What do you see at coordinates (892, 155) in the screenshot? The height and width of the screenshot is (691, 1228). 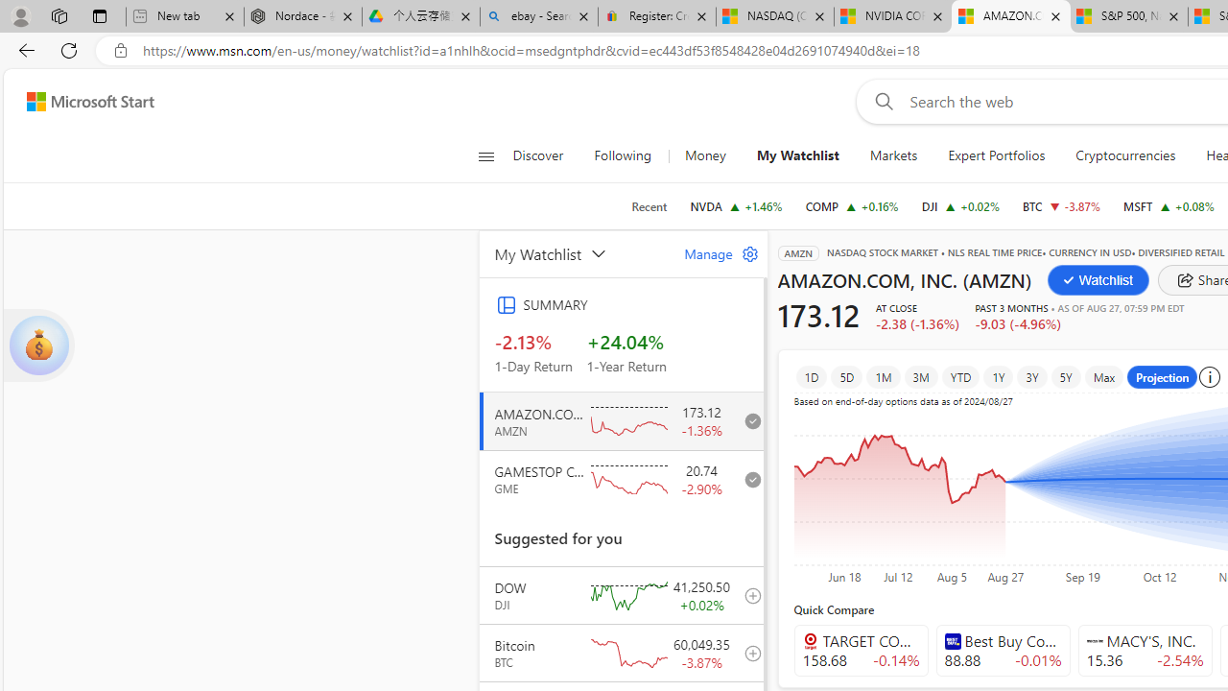 I see `'Markets'` at bounding box center [892, 155].